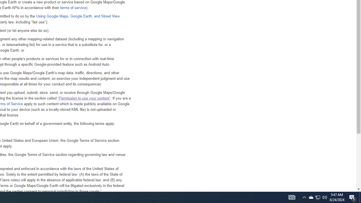  I want to click on 'Using Google Maps, Google Earth, and Street View', so click(77, 16).